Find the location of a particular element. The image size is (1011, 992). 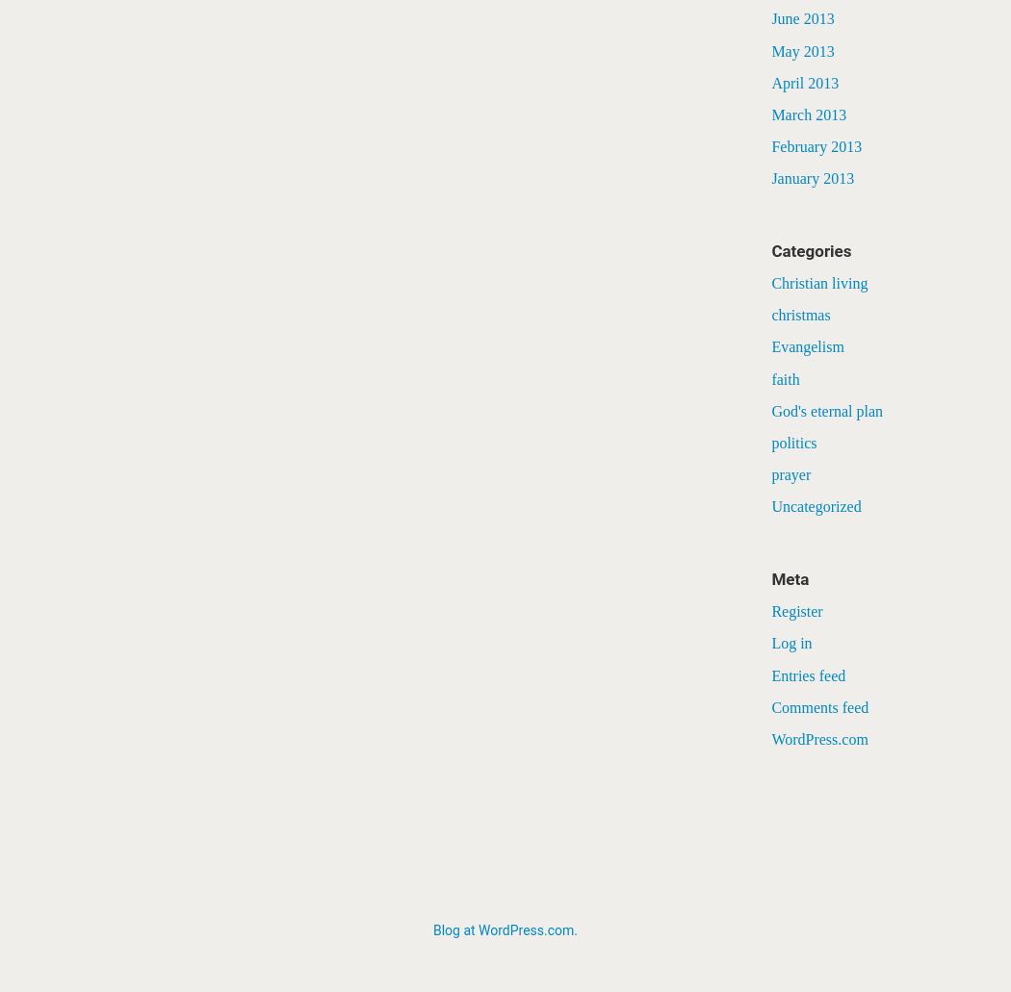

'Categories' is located at coordinates (811, 250).